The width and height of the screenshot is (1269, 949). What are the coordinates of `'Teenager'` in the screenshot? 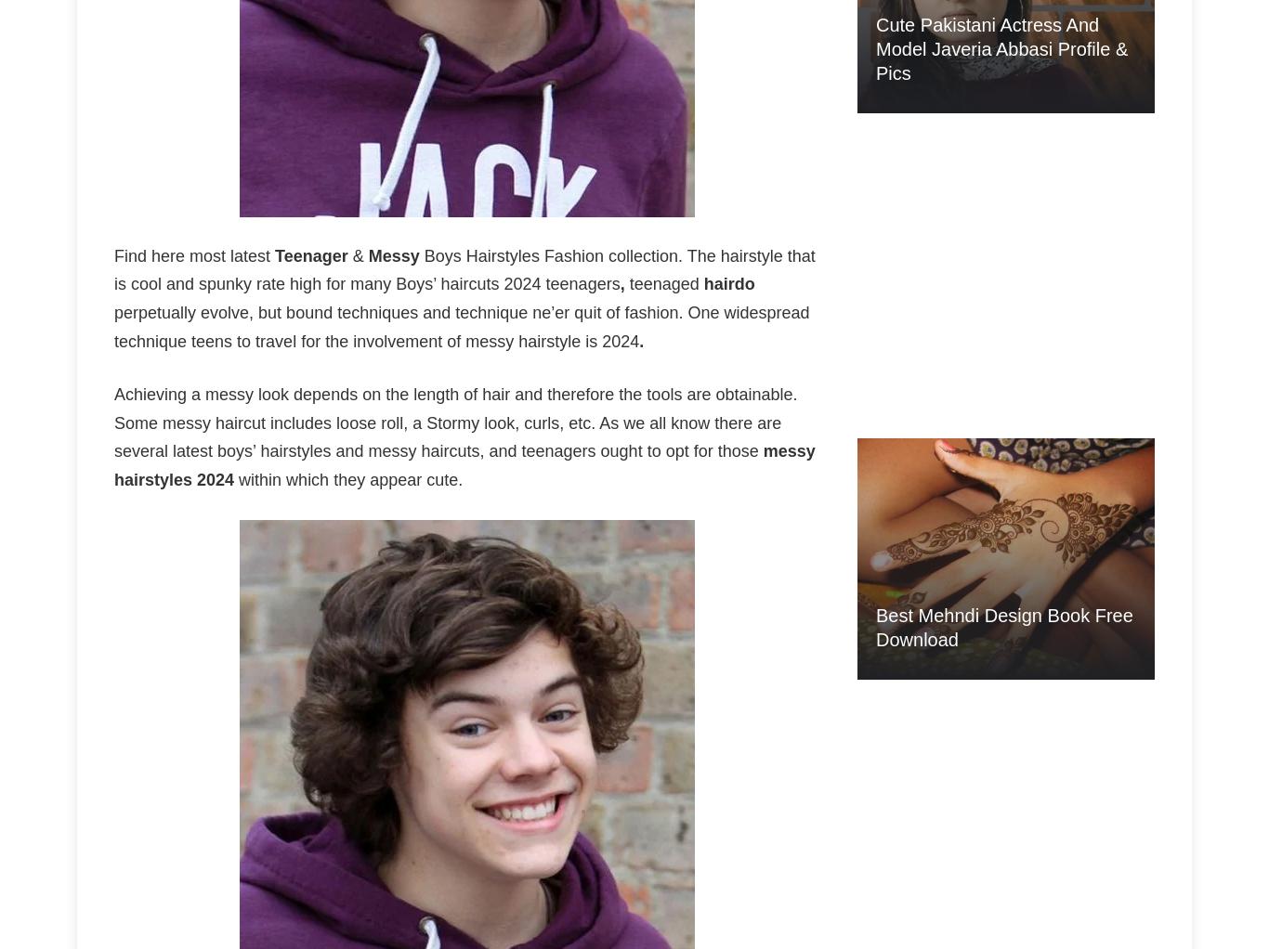 It's located at (310, 255).